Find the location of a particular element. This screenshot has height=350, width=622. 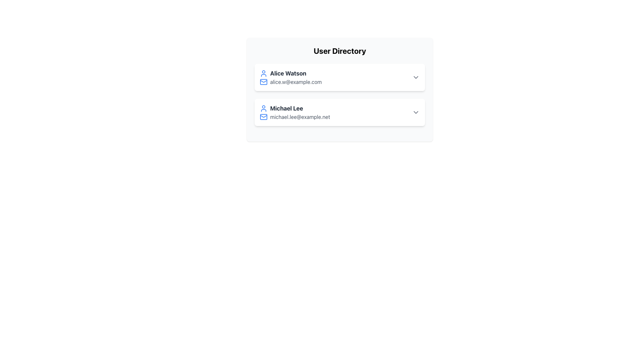

the Dropdown Activator Icon located at the far right of the 'Michael Lee' user entry is located at coordinates (416, 112).